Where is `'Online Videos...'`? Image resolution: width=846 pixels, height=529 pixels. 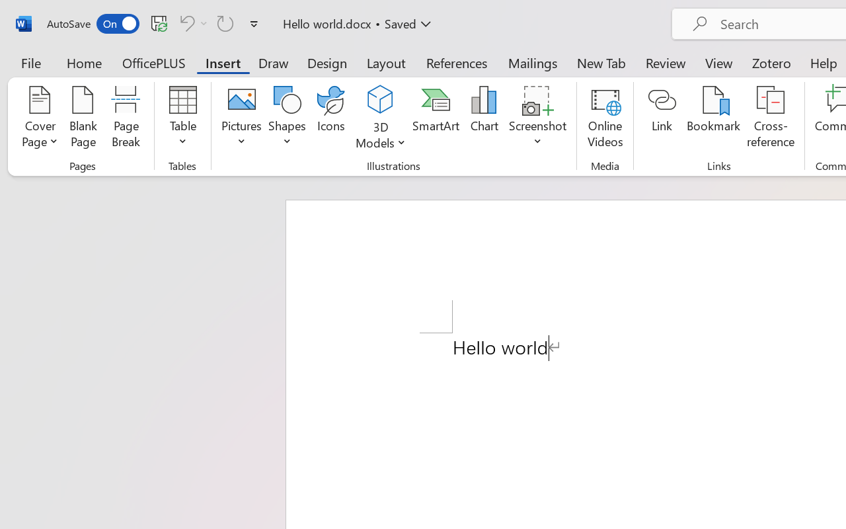 'Online Videos...' is located at coordinates (604, 118).